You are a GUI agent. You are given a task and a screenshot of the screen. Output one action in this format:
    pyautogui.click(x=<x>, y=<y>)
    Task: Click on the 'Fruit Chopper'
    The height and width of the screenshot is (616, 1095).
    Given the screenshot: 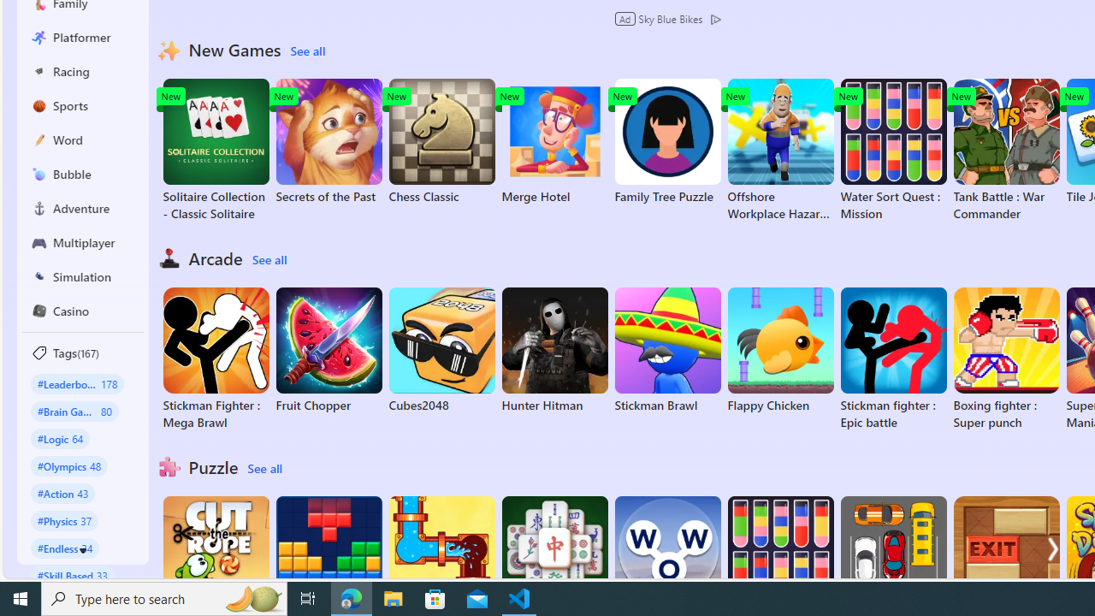 What is the action you would take?
    pyautogui.click(x=328, y=350)
    